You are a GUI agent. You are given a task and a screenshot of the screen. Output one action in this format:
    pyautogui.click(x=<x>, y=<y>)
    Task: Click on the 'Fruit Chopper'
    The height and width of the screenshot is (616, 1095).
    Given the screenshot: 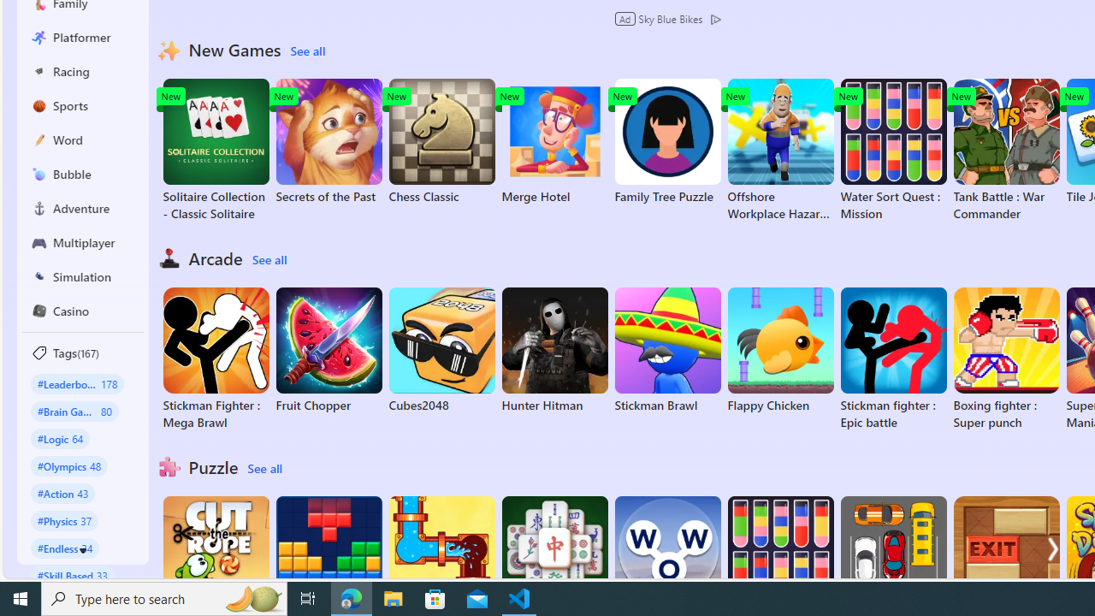 What is the action you would take?
    pyautogui.click(x=328, y=350)
    